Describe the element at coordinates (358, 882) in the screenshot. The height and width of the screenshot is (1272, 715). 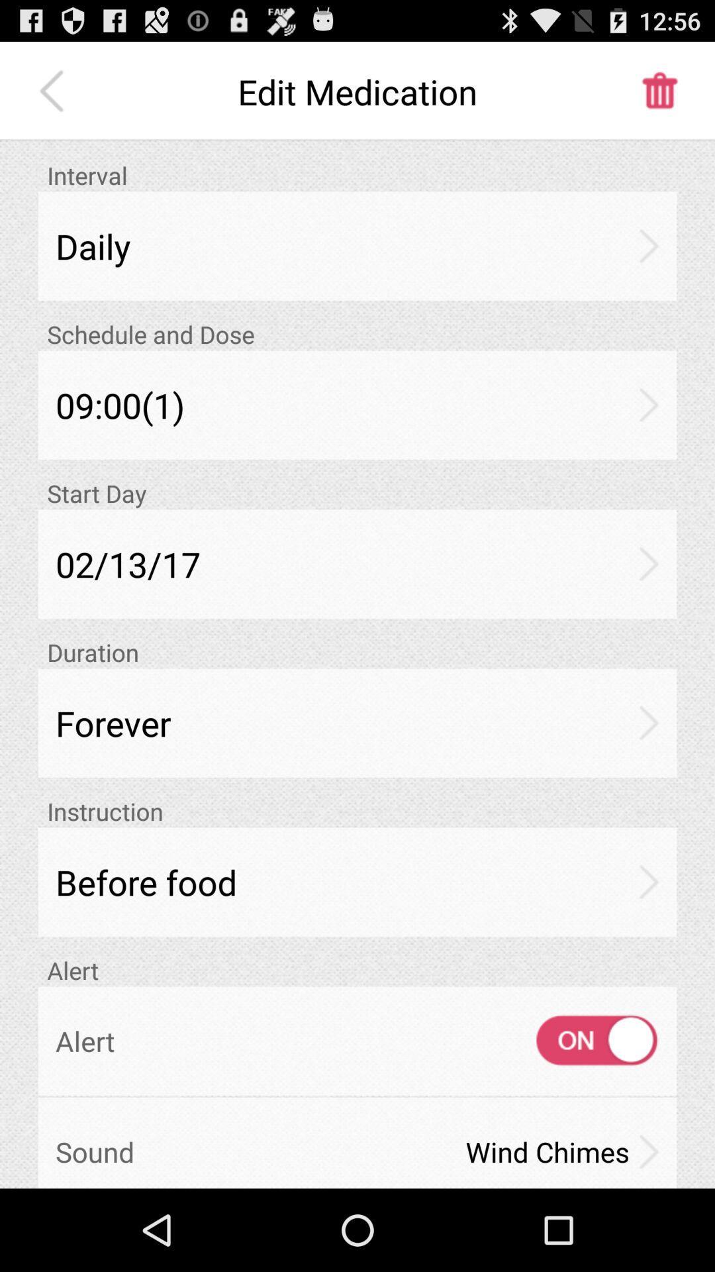
I see `app above alert item` at that location.